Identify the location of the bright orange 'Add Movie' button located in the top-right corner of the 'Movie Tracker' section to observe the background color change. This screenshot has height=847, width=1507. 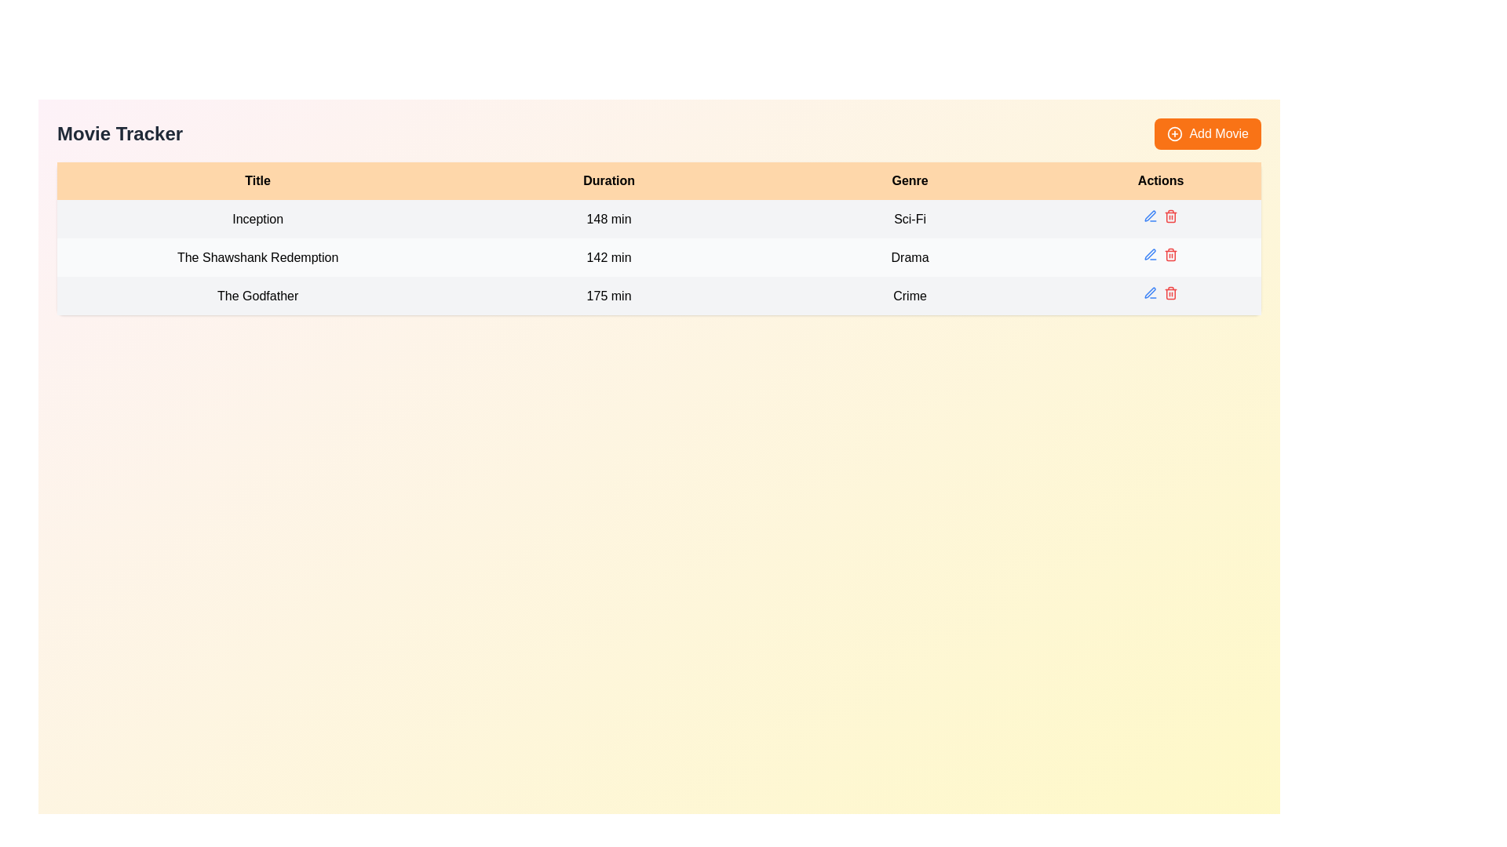
(1207, 133).